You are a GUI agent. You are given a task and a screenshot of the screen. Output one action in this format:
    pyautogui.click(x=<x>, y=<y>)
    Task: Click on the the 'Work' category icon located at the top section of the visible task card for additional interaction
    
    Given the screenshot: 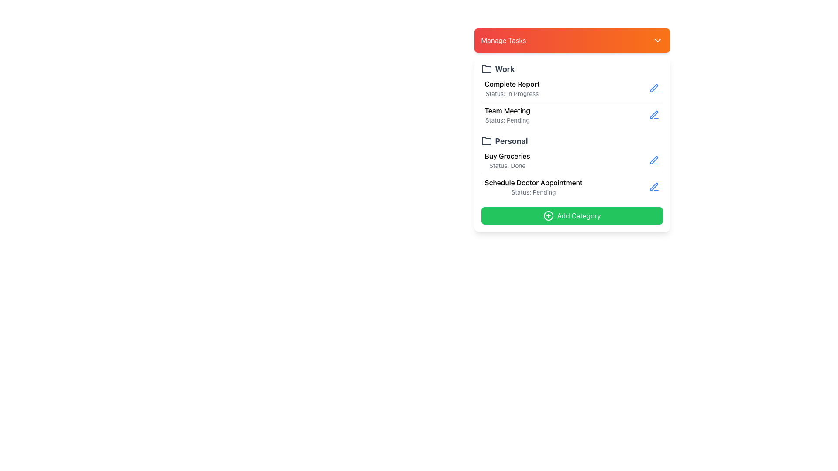 What is the action you would take?
    pyautogui.click(x=486, y=68)
    